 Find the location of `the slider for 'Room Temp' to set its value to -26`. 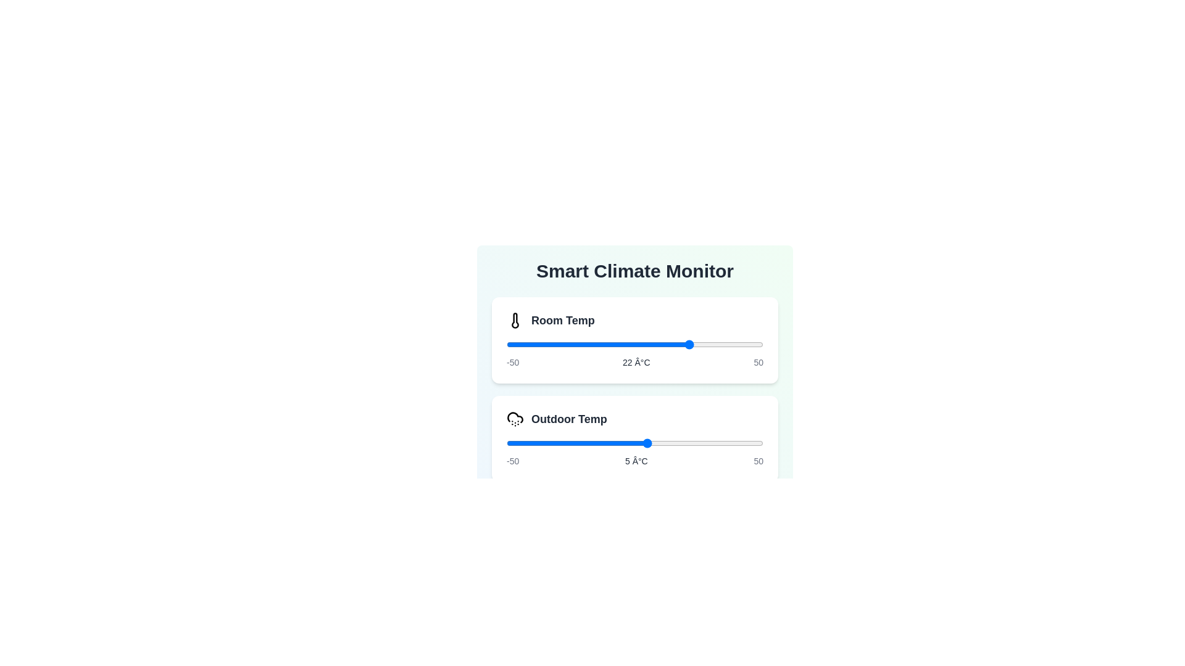

the slider for 'Room Temp' to set its value to -26 is located at coordinates (567, 345).